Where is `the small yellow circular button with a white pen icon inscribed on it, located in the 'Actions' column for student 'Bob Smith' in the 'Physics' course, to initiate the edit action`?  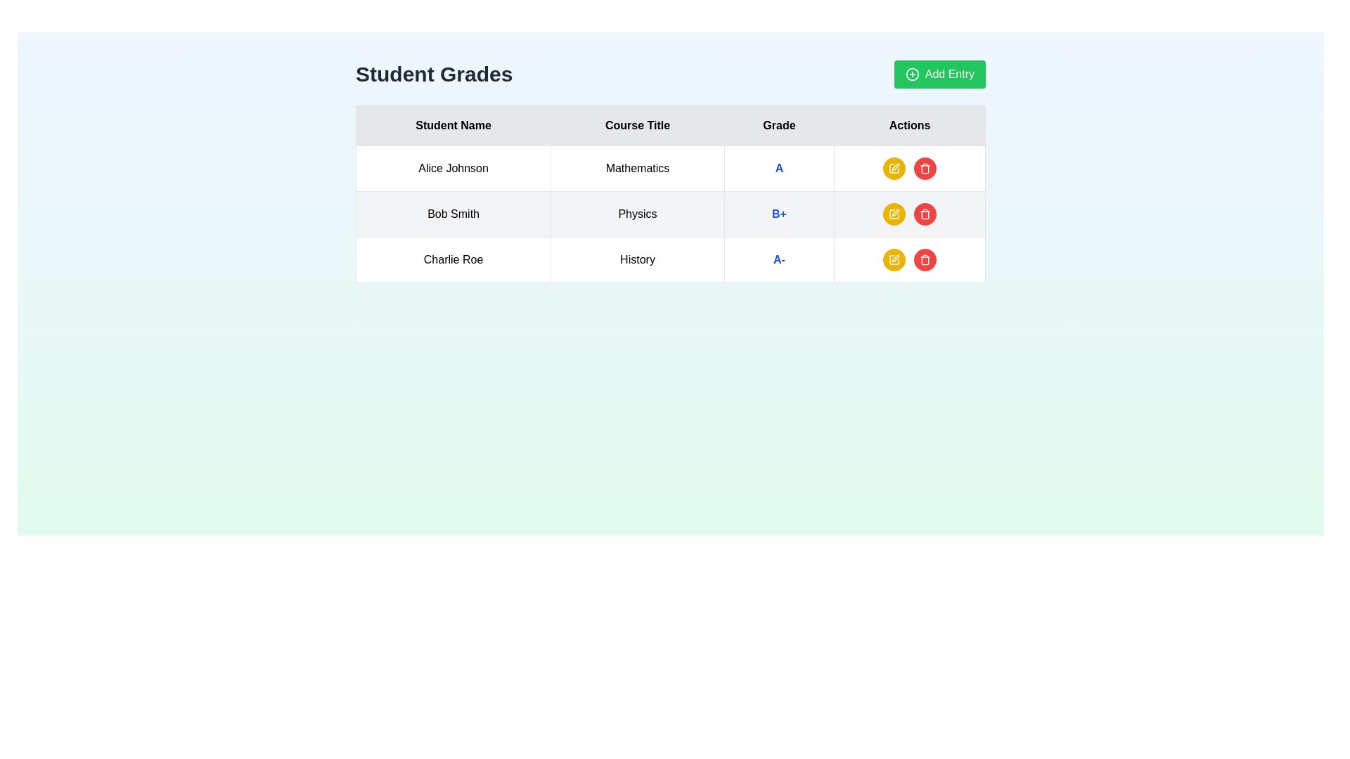 the small yellow circular button with a white pen icon inscribed on it, located in the 'Actions' column for student 'Bob Smith' in the 'Physics' course, to initiate the edit action is located at coordinates (894, 214).